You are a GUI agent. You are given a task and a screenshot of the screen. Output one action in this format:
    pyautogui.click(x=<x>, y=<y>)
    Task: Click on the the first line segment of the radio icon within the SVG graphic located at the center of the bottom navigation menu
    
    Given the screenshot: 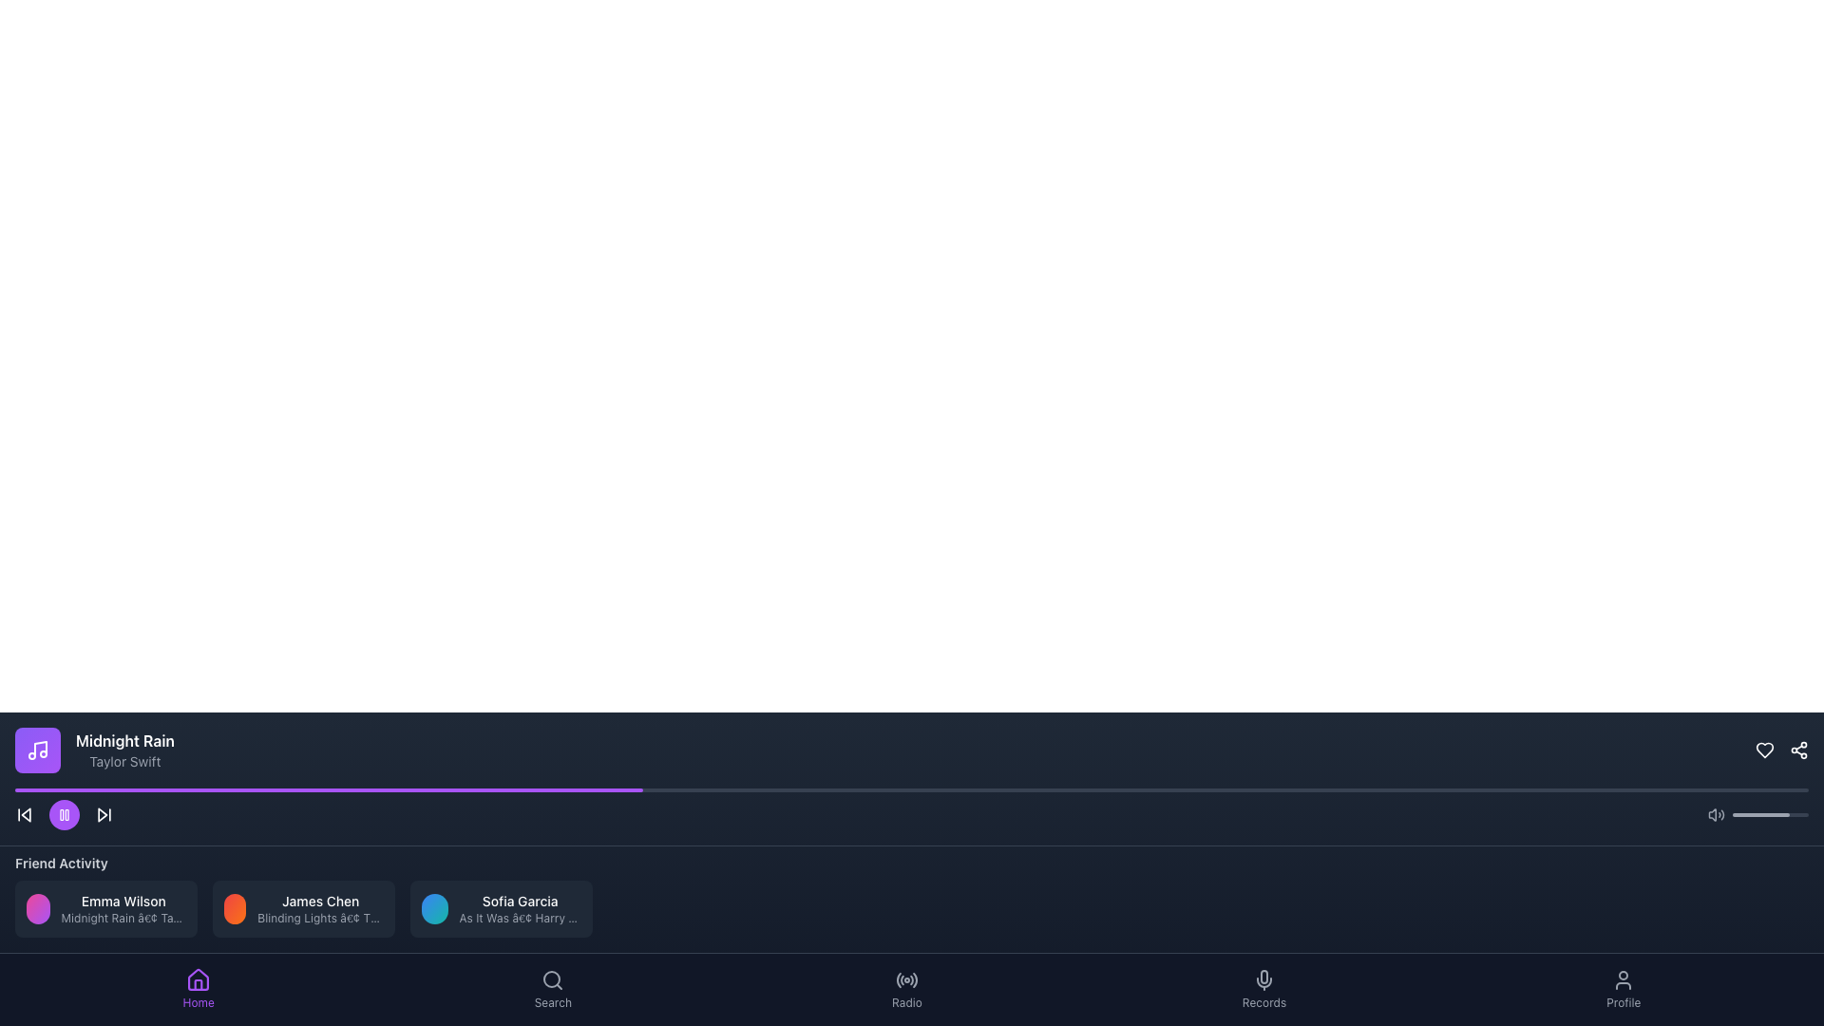 What is the action you would take?
    pyautogui.click(x=898, y=980)
    